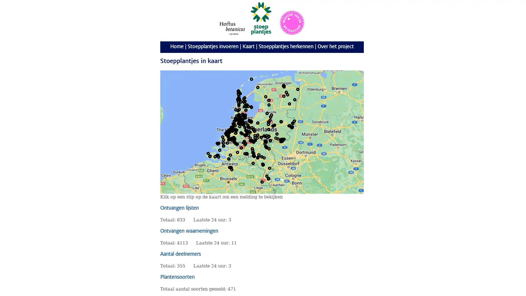  I want to click on Telling van op 20 maart 2022, so click(239, 98).